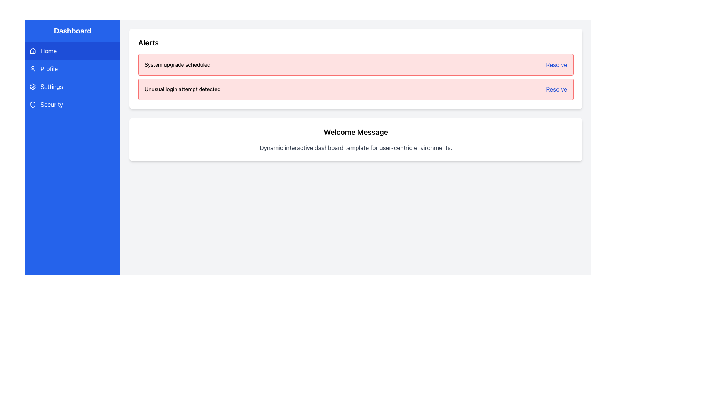  I want to click on the Text Label at the top of the vertical sidebar, so click(73, 31).